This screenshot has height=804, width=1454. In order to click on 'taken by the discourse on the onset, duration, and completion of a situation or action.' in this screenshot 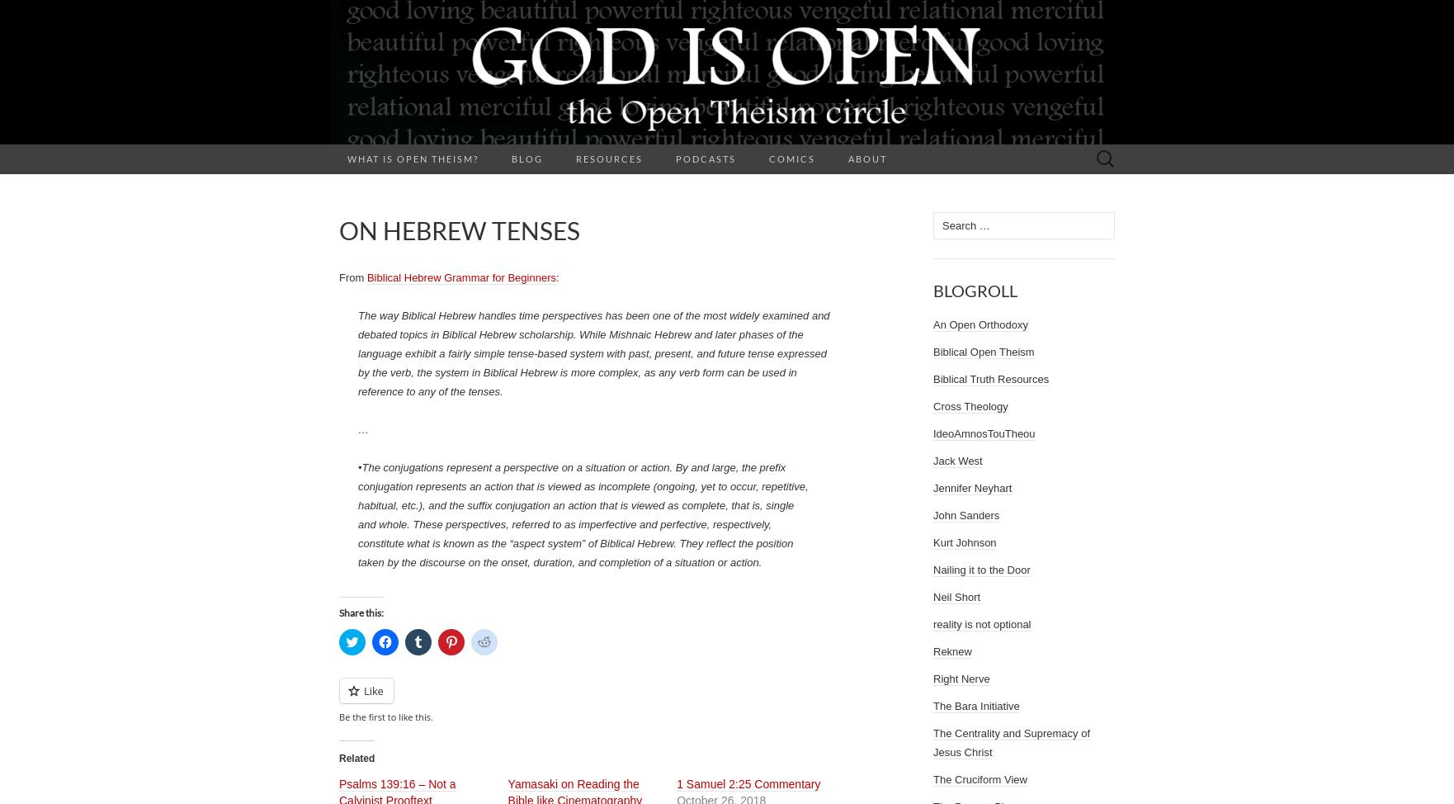, I will do `click(559, 562)`.